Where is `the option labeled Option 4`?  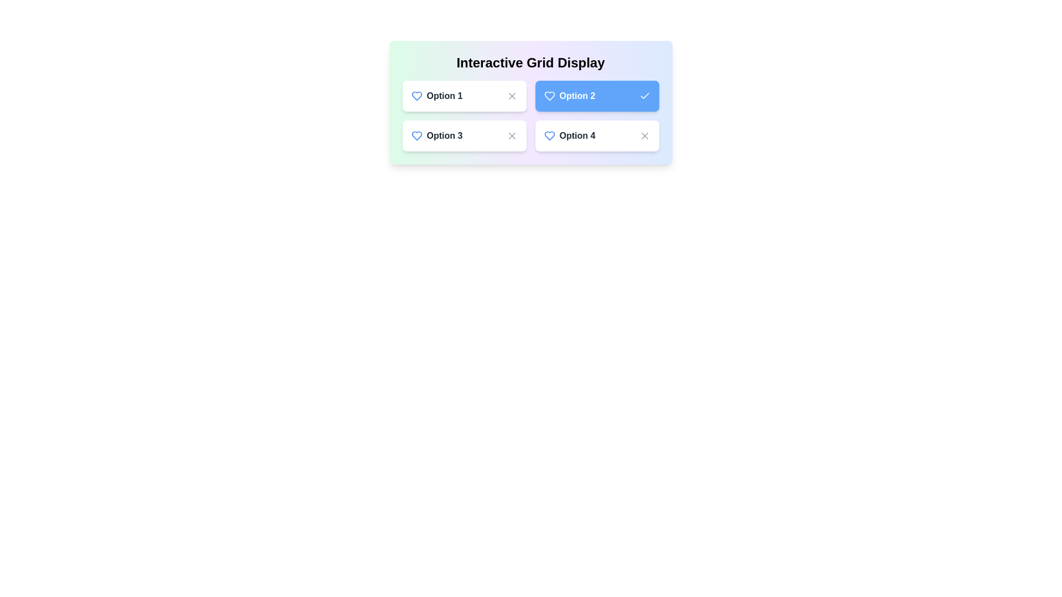 the option labeled Option 4 is located at coordinates (596, 135).